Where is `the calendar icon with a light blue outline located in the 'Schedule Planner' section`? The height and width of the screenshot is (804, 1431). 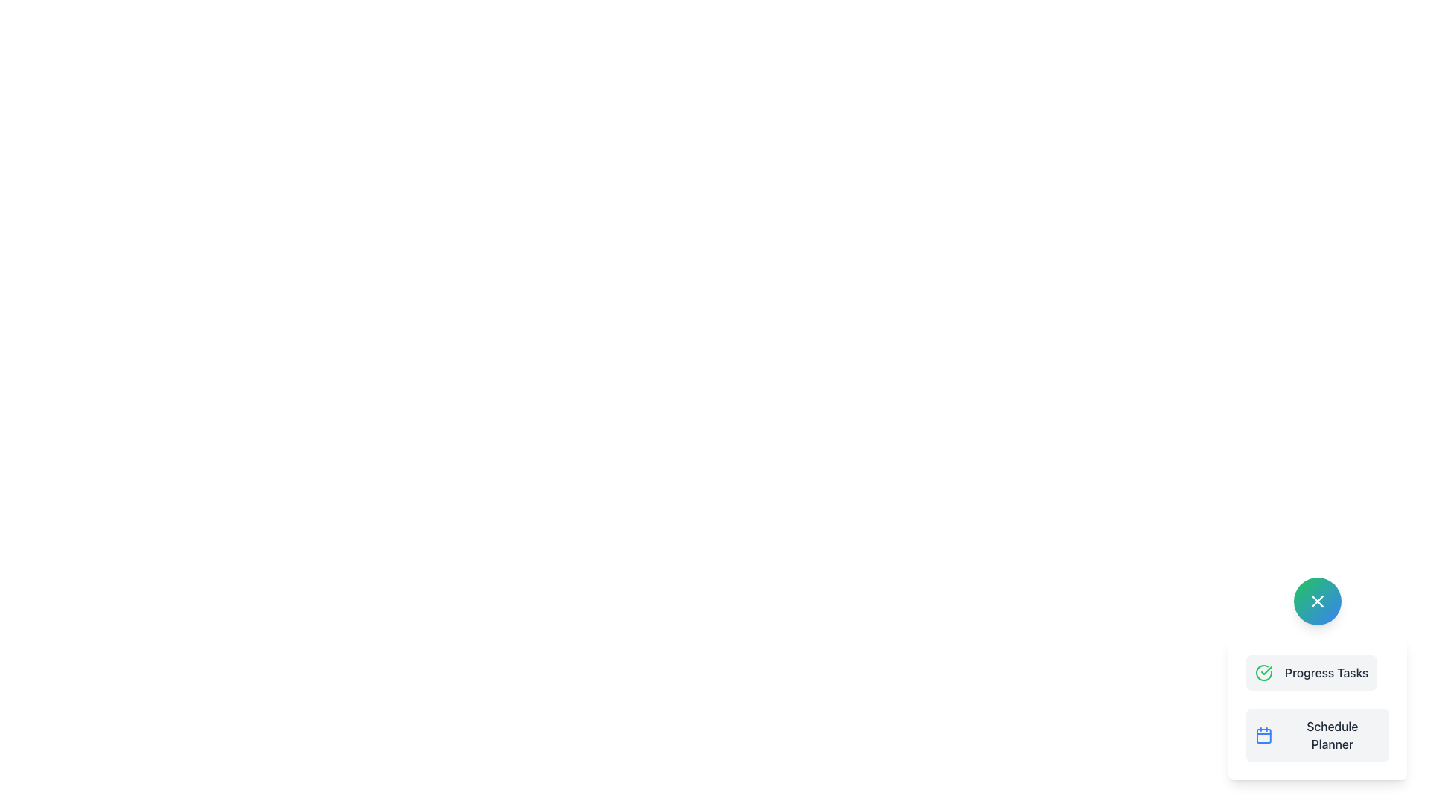
the calendar icon with a light blue outline located in the 'Schedule Planner' section is located at coordinates (1263, 735).